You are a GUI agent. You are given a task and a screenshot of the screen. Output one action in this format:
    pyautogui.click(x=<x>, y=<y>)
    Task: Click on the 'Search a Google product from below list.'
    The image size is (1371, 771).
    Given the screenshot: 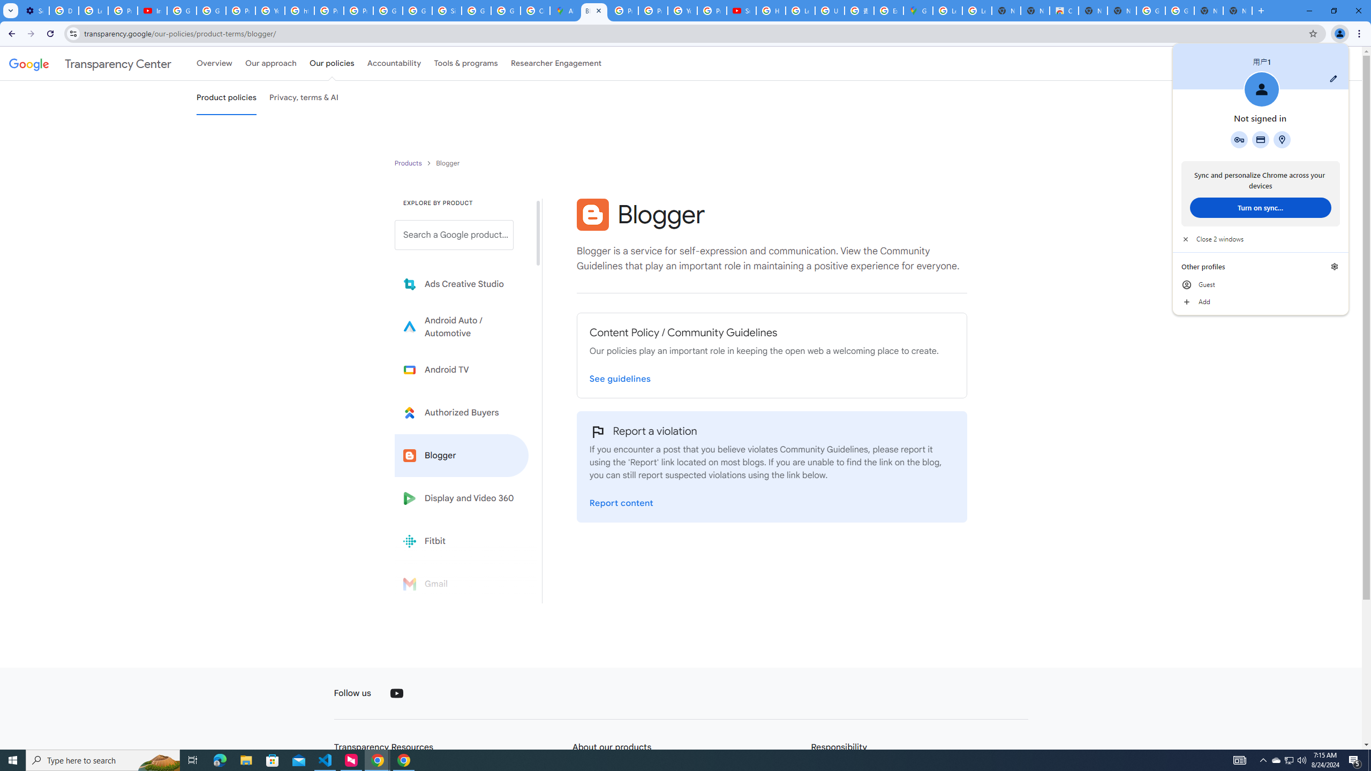 What is the action you would take?
    pyautogui.click(x=454, y=234)
    